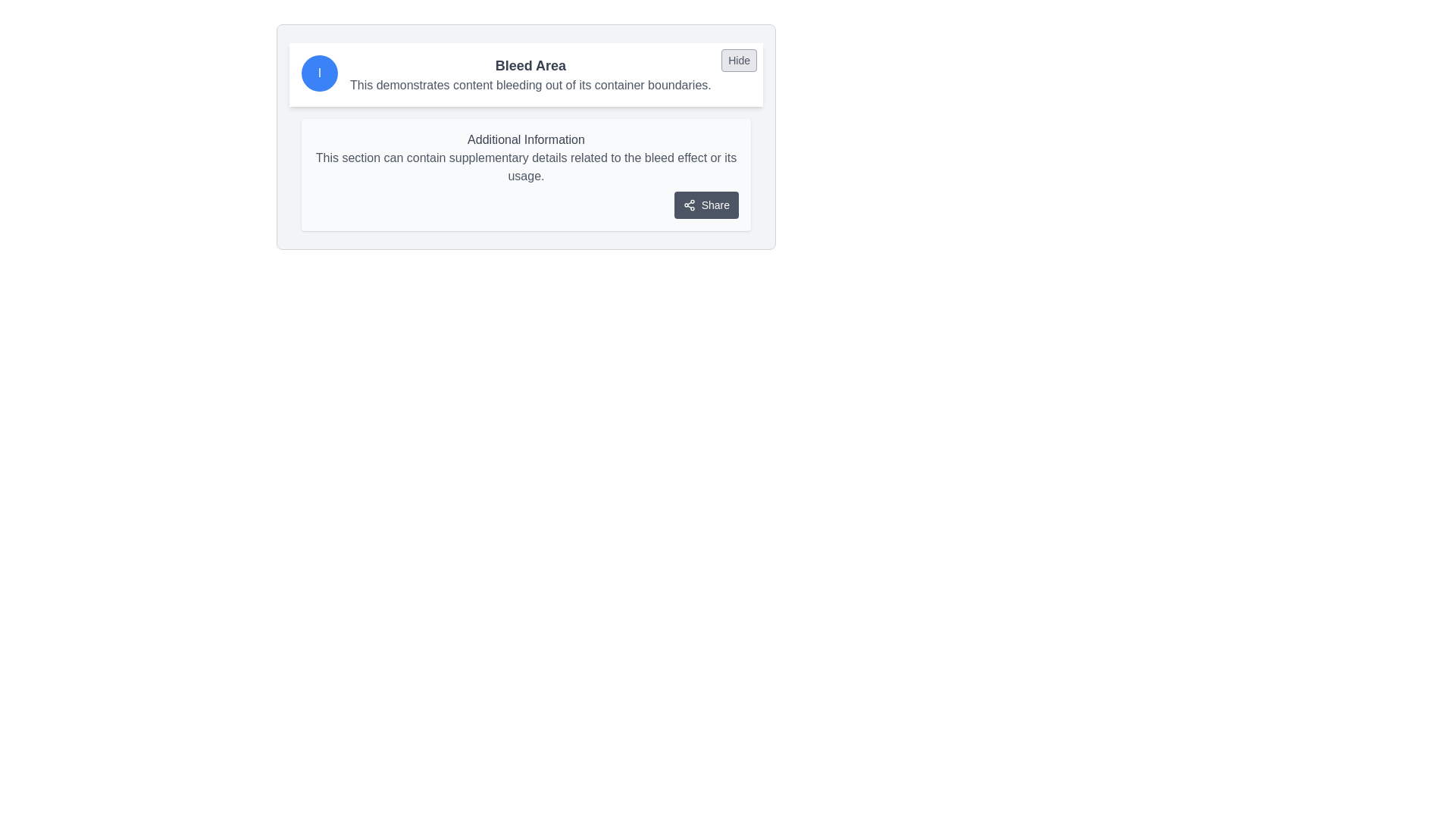  What do you see at coordinates (526, 75) in the screenshot?
I see `text on the Notification banner that informs users about the 'Bleed Area' feature` at bounding box center [526, 75].